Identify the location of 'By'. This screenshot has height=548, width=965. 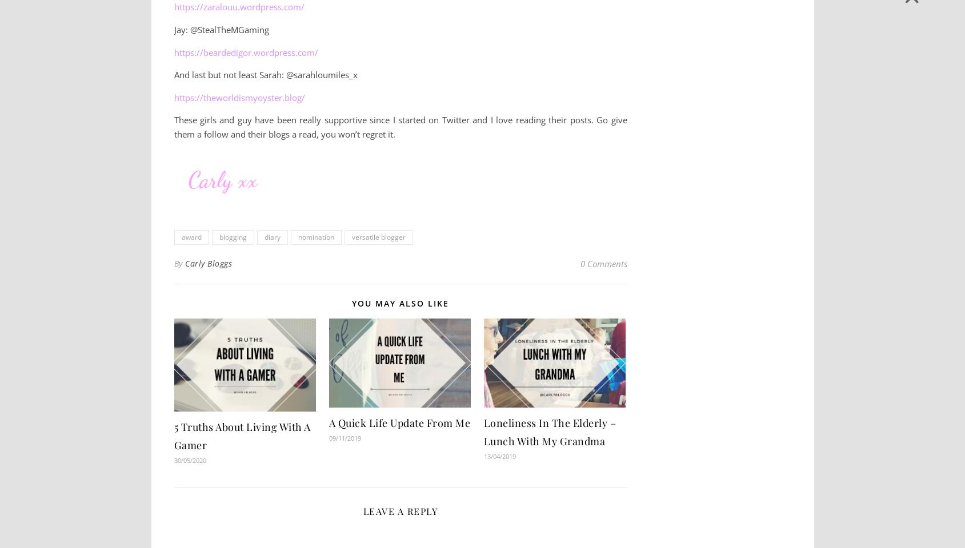
(179, 263).